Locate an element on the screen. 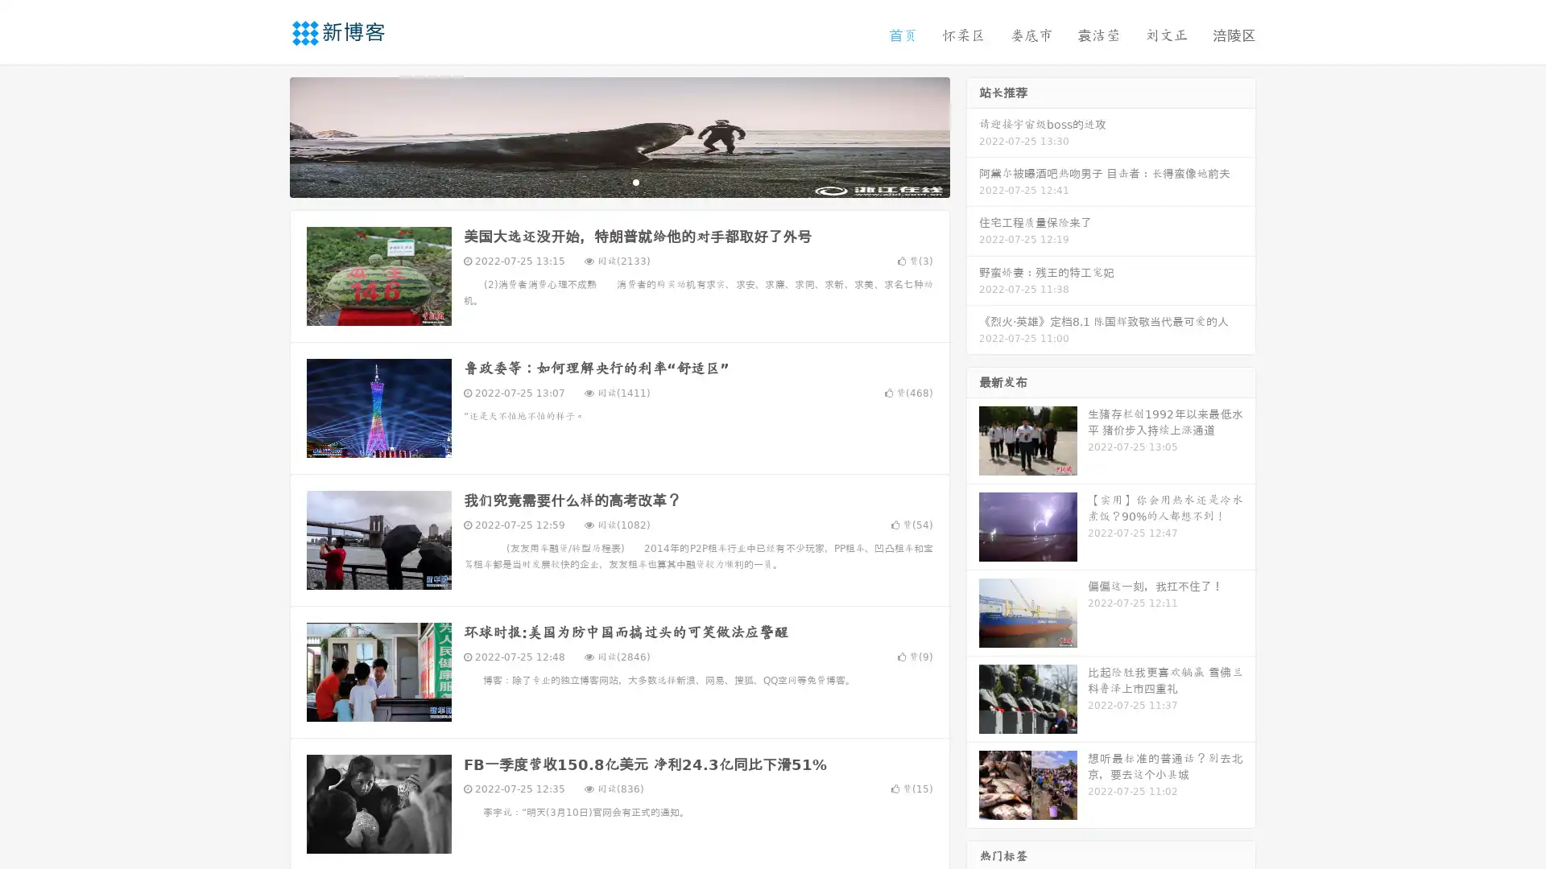 This screenshot has height=869, width=1546. Go to slide 3 is located at coordinates (635, 181).